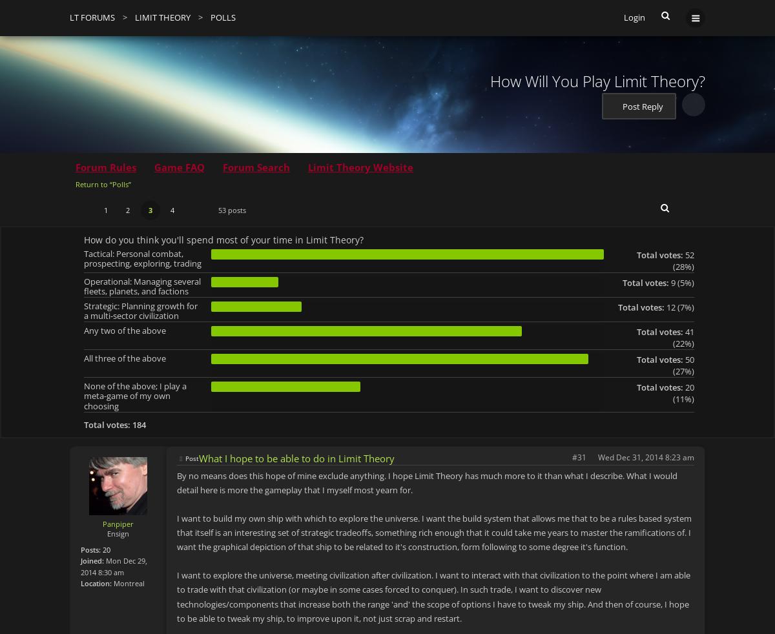  I want to click on 'Login', so click(634, 17).